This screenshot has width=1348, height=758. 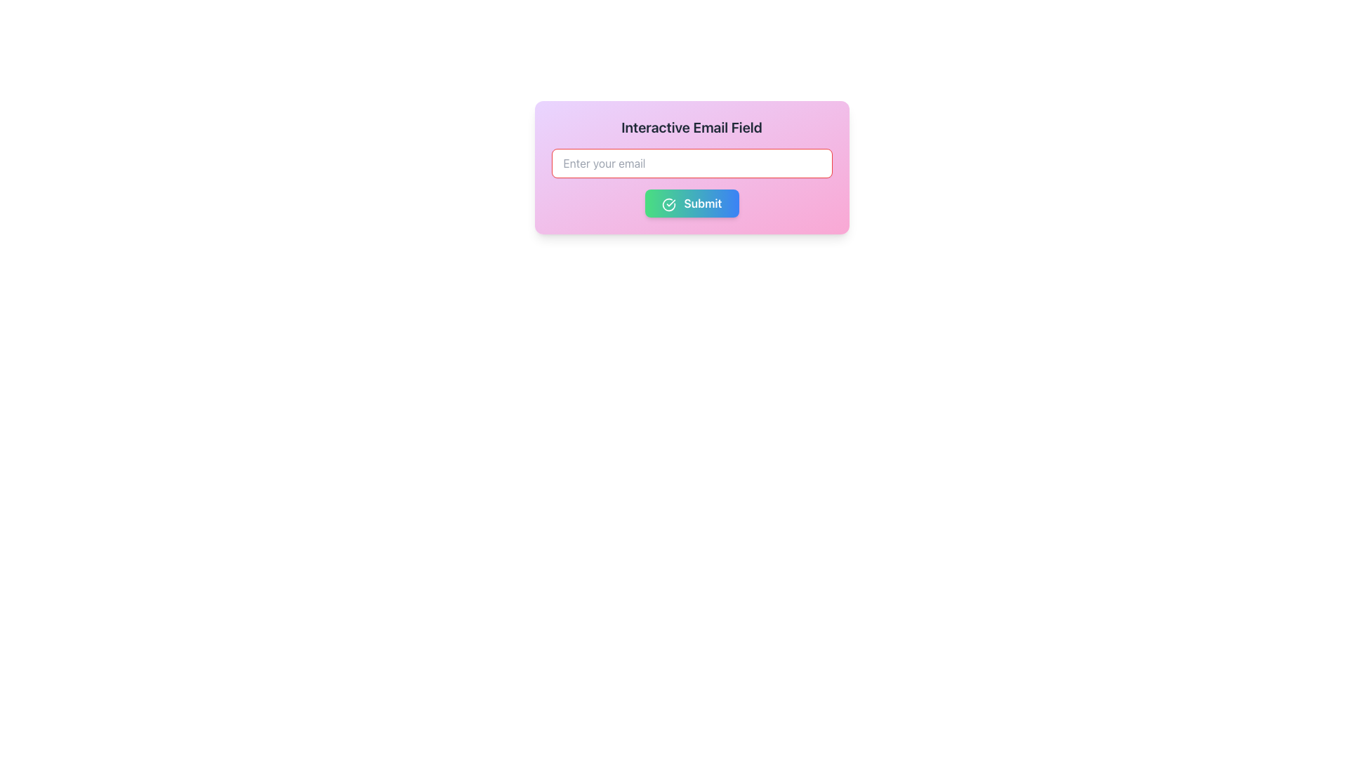 What do you see at coordinates (668, 204) in the screenshot?
I see `the confirmation icon located to the left and slightly above the center of the 'Submit' button, which indicates correctness` at bounding box center [668, 204].